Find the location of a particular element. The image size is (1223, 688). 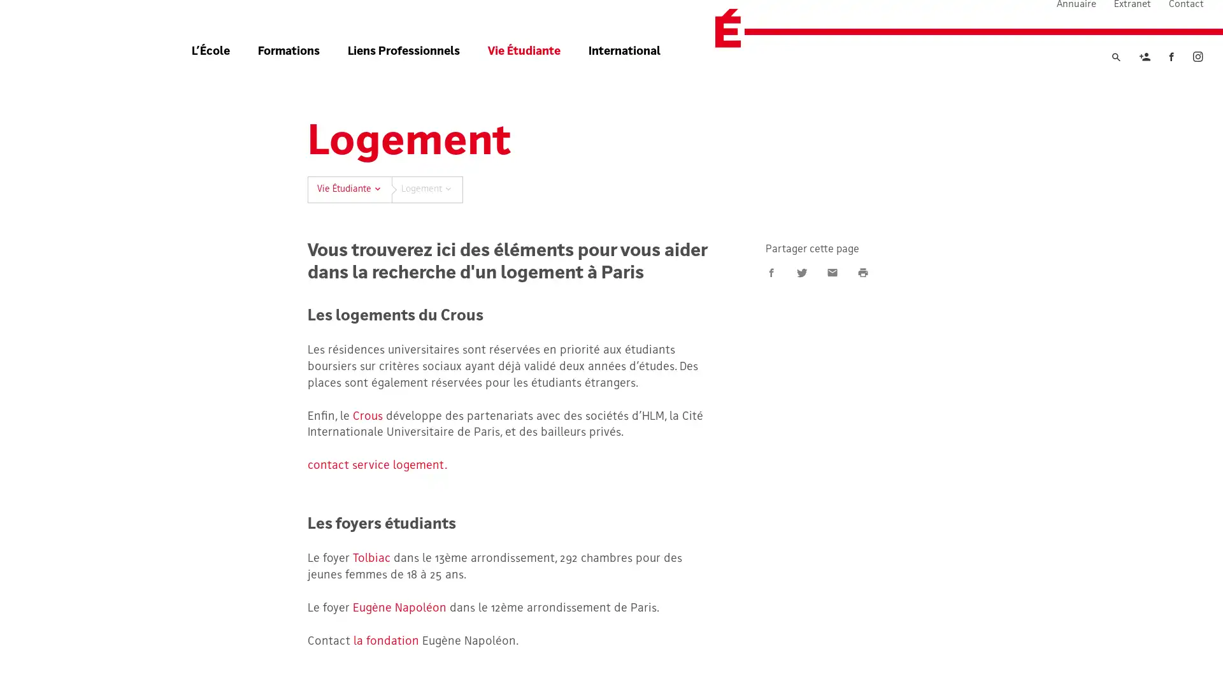

Rechercher is located at coordinates (1115, 78).